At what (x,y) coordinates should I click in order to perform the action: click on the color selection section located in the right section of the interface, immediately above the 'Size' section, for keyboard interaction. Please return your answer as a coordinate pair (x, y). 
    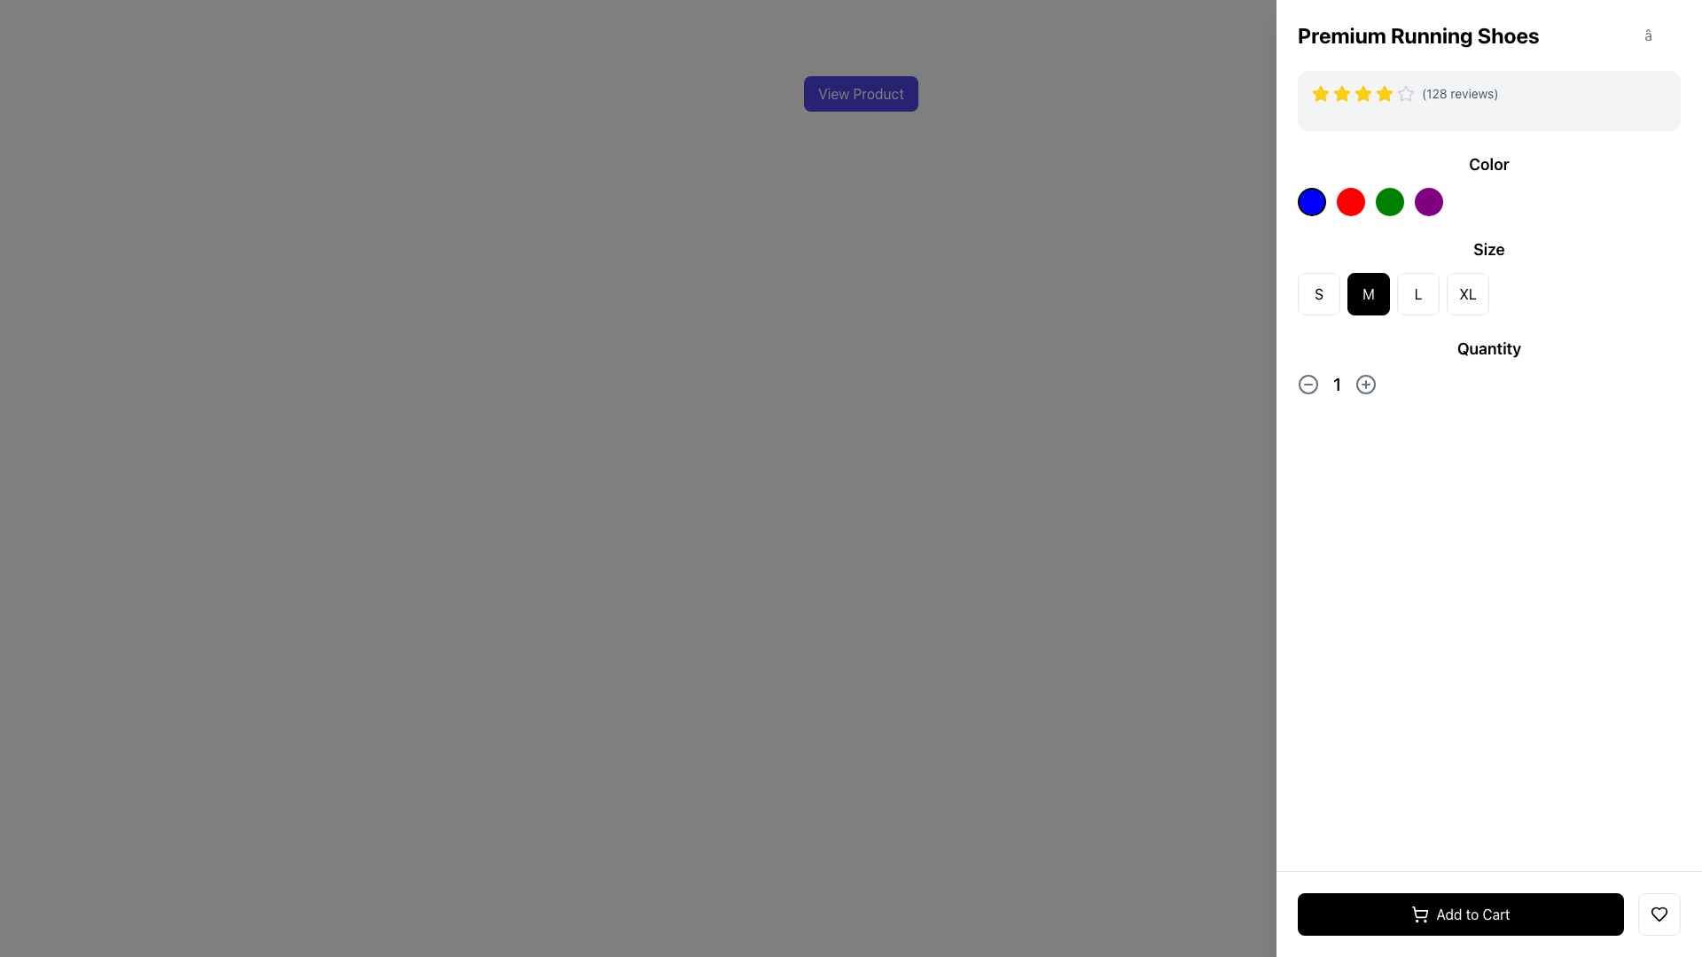
    Looking at the image, I should click on (1489, 184).